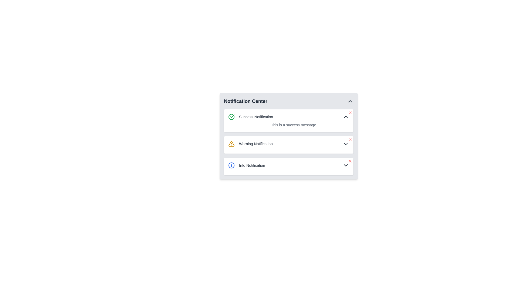 The height and width of the screenshot is (291, 518). I want to click on the Notification Section in the Notification Center, which displays three types of messages: 'Success Notification,' 'Warning Notification,' and 'Info Notification.', so click(288, 142).